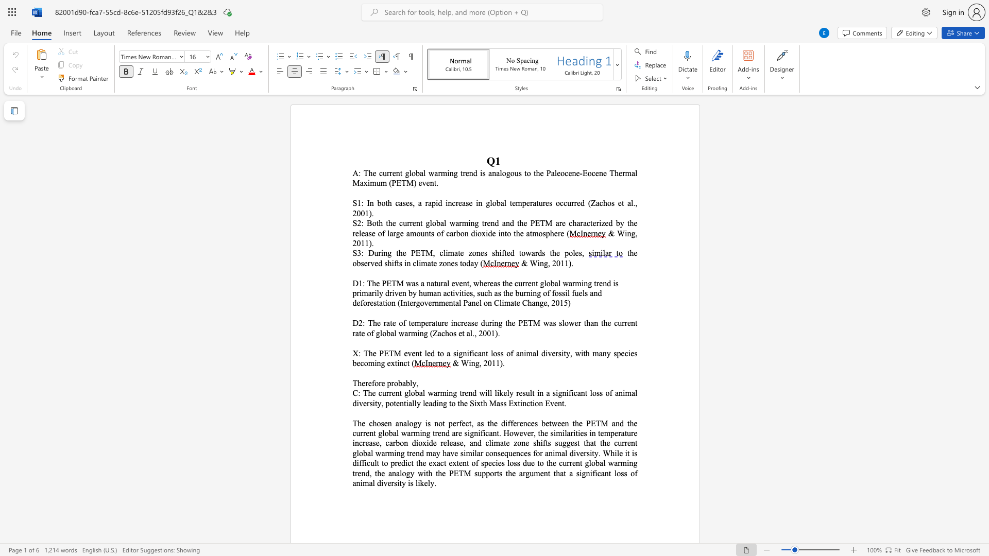 The height and width of the screenshot is (556, 989). What do you see at coordinates (500, 403) in the screenshot?
I see `the subset text "ss" within the text "in a significant loss of animal diversity, potentially leading to the Sixth Mass Extinction Event."` at bounding box center [500, 403].